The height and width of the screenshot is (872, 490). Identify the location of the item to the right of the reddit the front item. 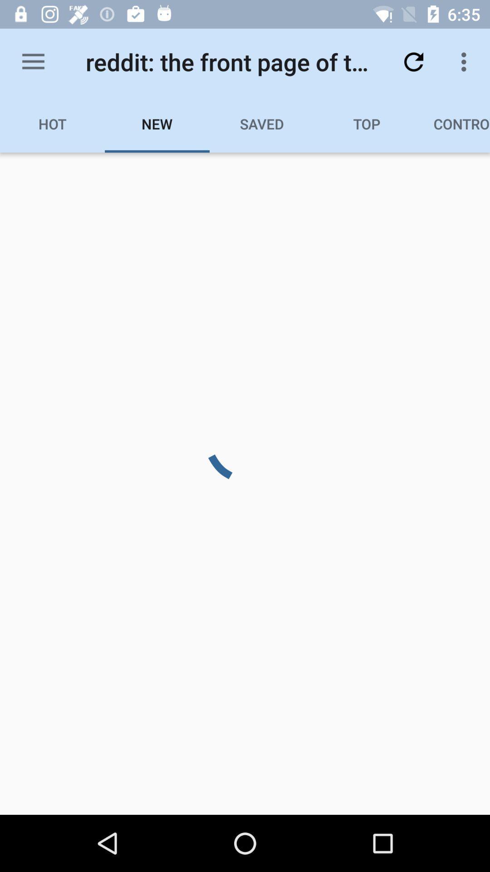
(413, 61).